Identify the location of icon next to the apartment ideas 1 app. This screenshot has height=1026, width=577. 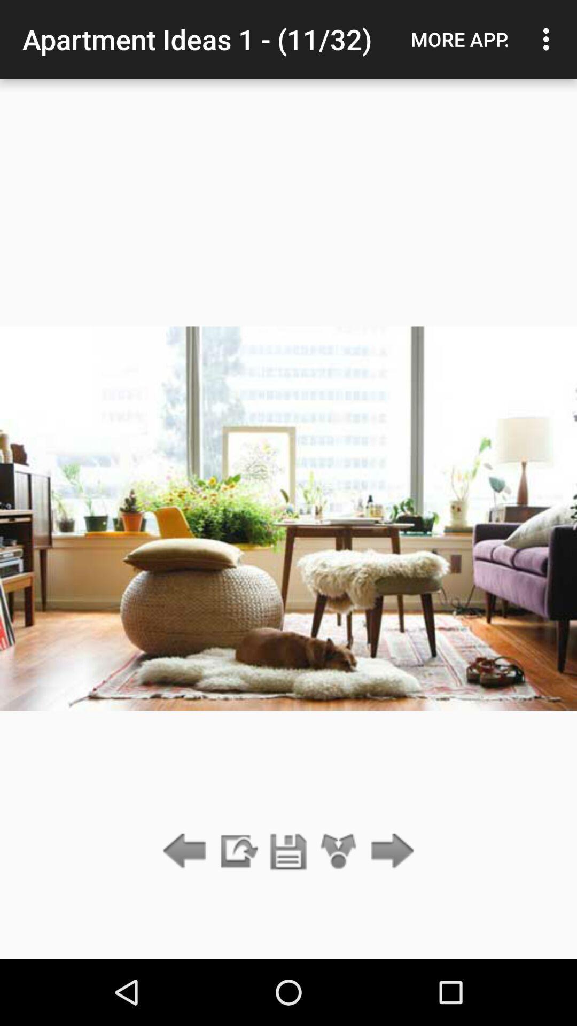
(459, 39).